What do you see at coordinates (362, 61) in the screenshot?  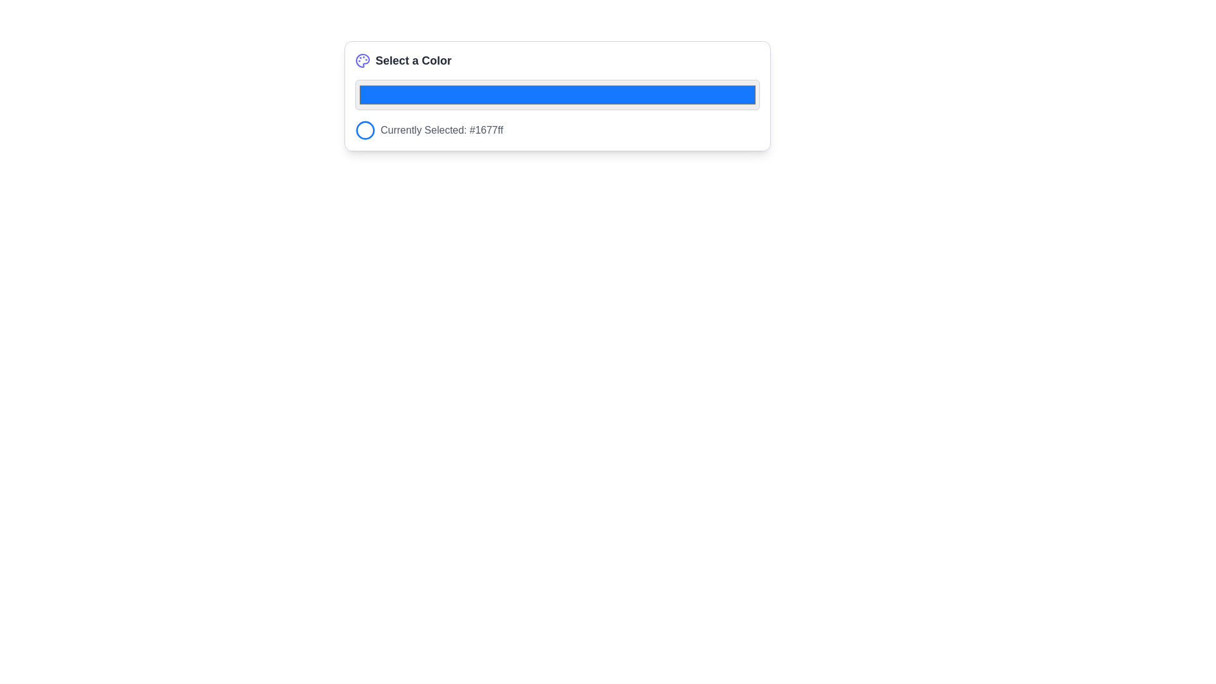 I see `the paint palette icon located in the 'Select a Color' section of the header` at bounding box center [362, 61].